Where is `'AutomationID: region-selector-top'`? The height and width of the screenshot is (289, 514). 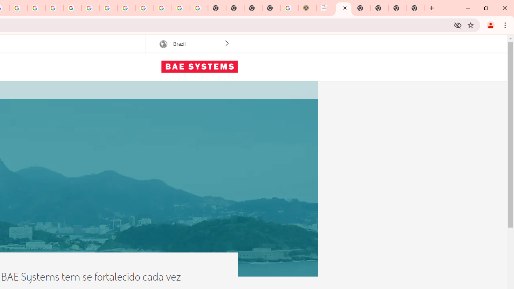
'AutomationID: region-selector-top' is located at coordinates (191, 44).